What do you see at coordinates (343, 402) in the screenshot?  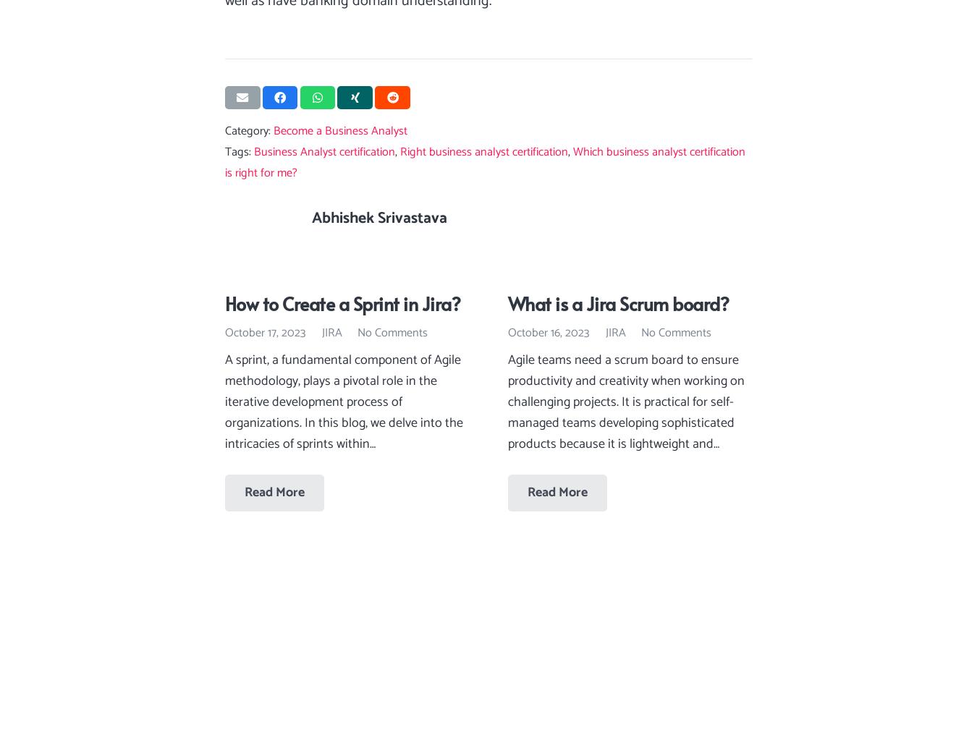 I see `'A sprint, a fundamental component of Agile methodology, plays a pivotal role in the iterative development process of organizations. In this blog, we delve into the intricacies of sprints within…'` at bounding box center [343, 402].